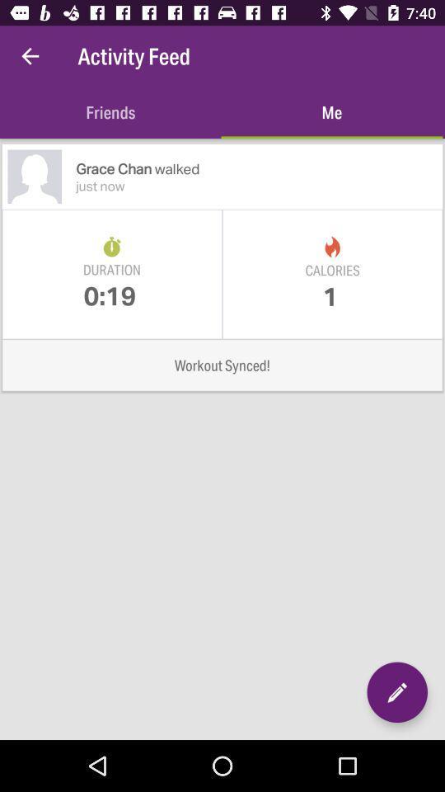  What do you see at coordinates (396, 692) in the screenshot?
I see `activity` at bounding box center [396, 692].